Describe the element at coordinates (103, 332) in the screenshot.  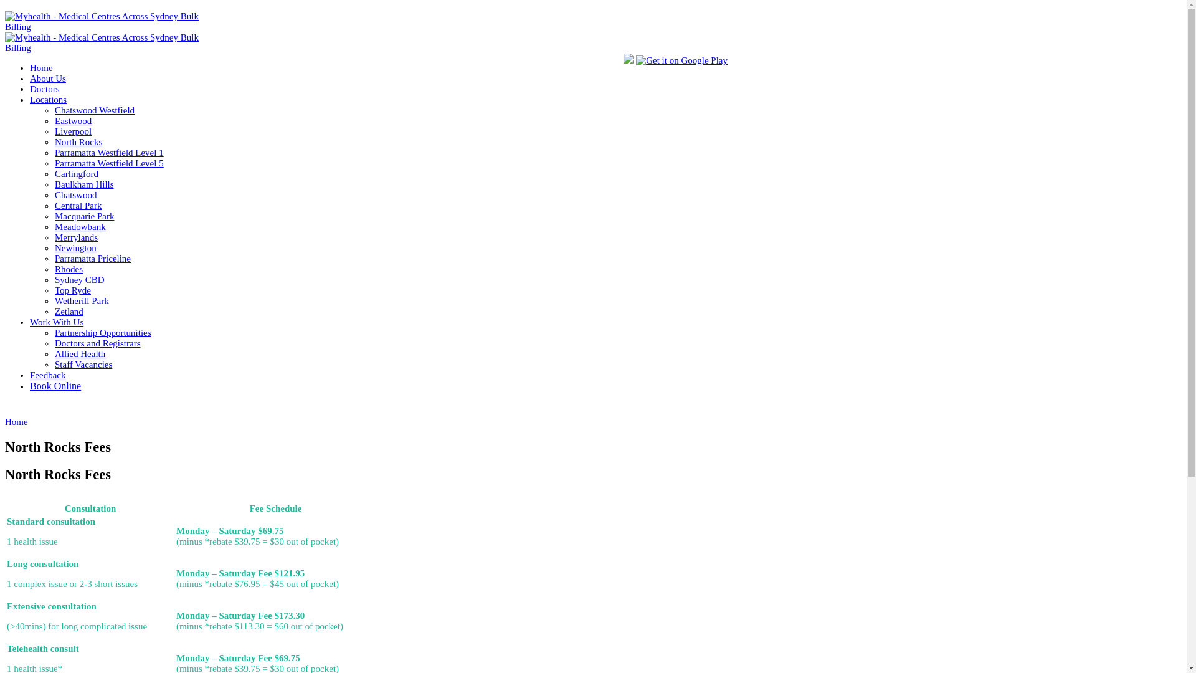
I see `'Partnership Opportunities'` at that location.